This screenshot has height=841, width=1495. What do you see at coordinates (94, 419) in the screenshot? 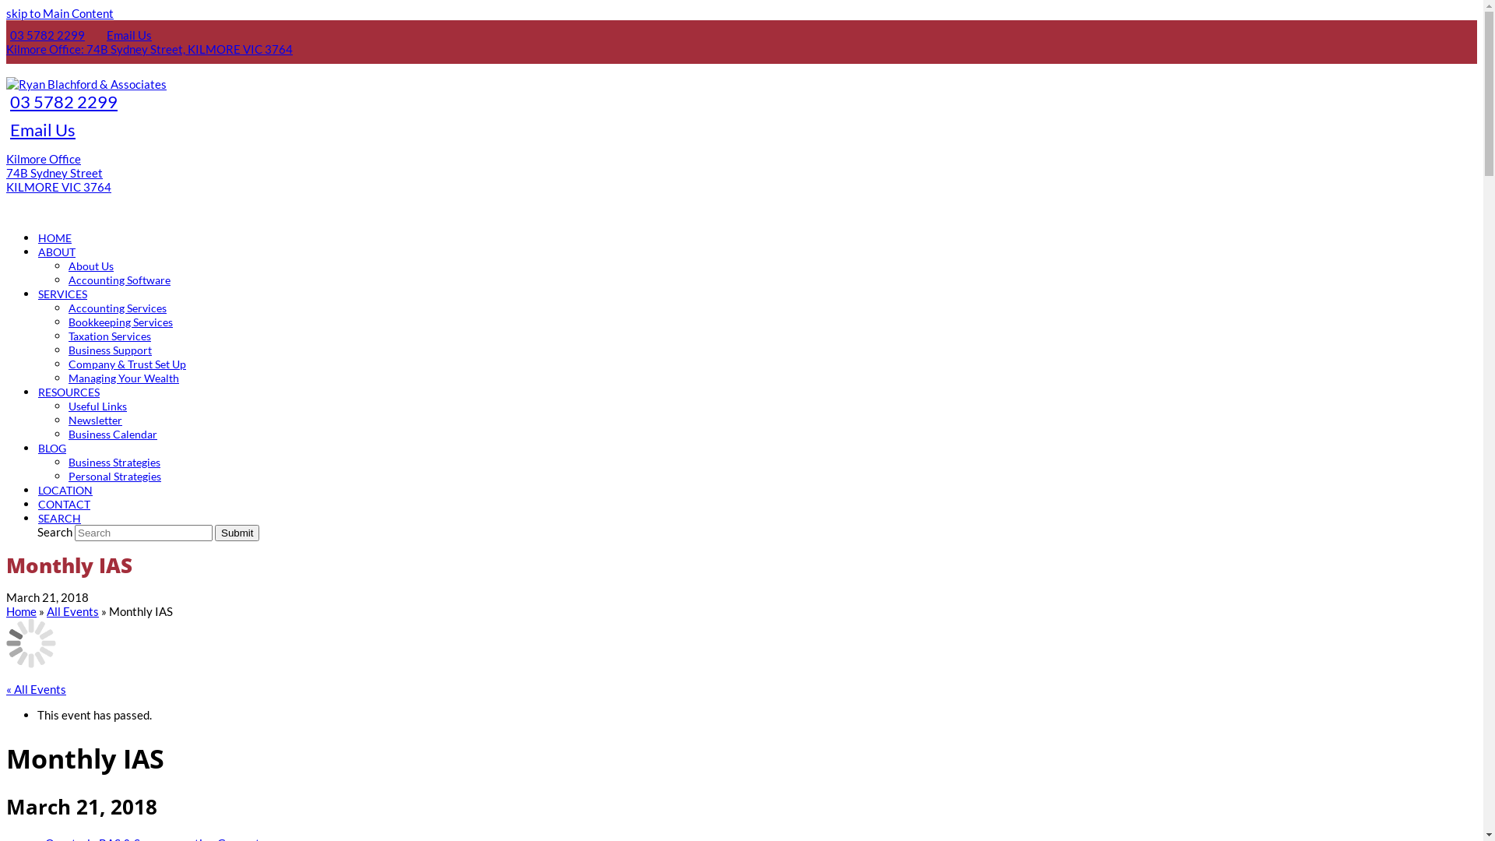
I see `'Newsletter'` at bounding box center [94, 419].